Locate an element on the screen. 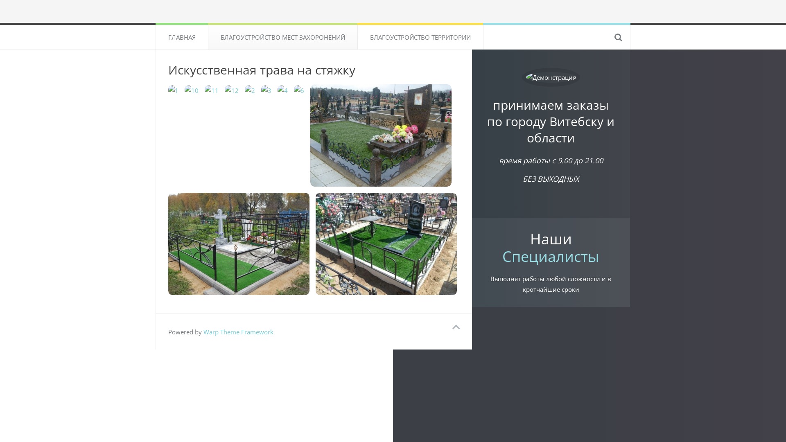 This screenshot has width=786, height=442. '2' is located at coordinates (249, 90).